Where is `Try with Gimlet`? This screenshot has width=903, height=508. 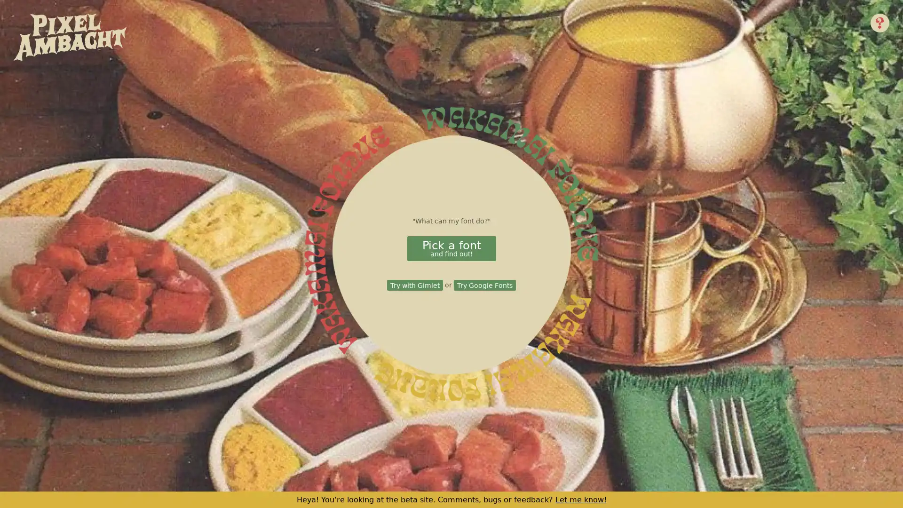
Try with Gimlet is located at coordinates (414, 285).